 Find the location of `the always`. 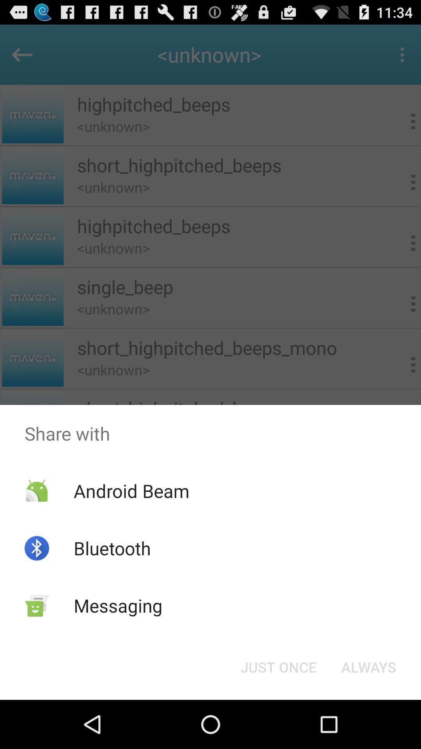

the always is located at coordinates (368, 666).